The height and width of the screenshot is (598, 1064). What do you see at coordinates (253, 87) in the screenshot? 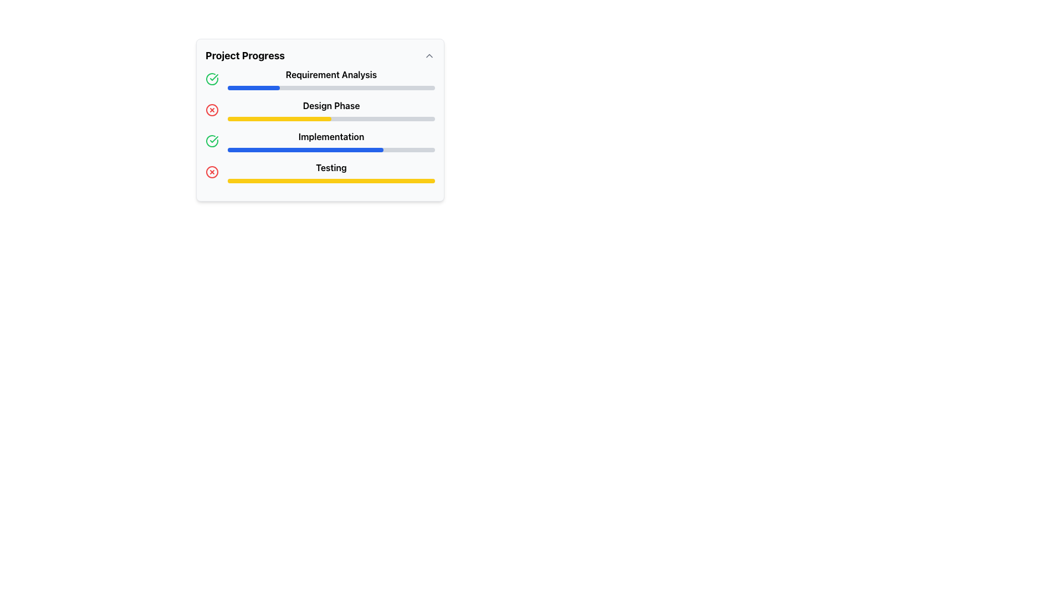
I see `the blue progress bar segment representing 25% progress, located underneath the text 'Requirement Analysis'` at bounding box center [253, 87].